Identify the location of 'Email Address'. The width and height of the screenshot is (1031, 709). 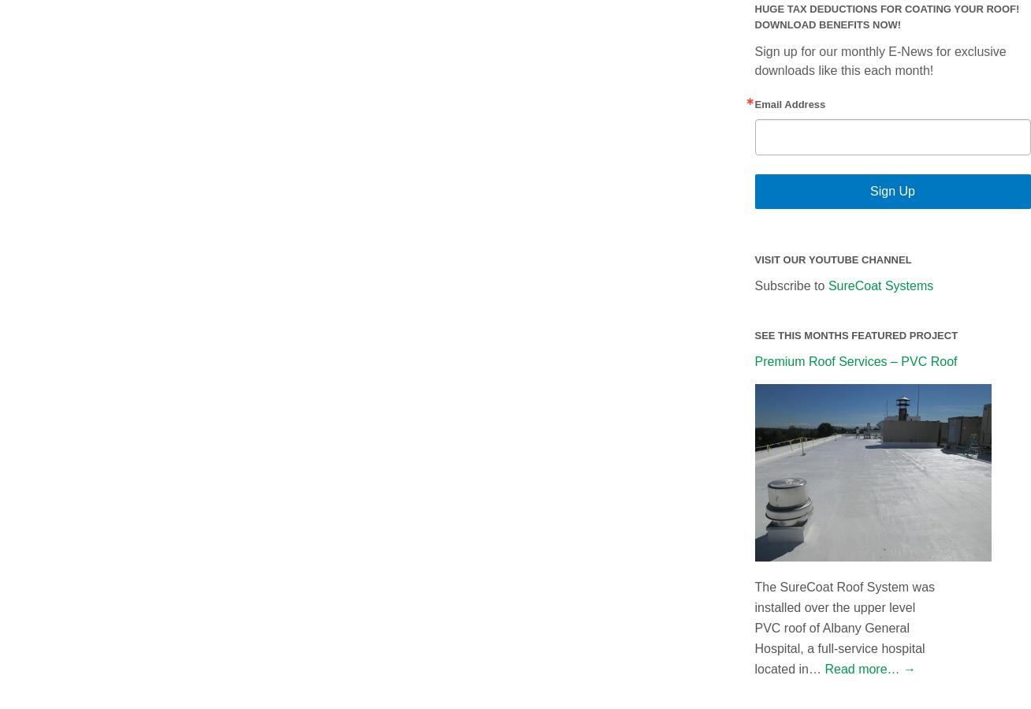
(790, 103).